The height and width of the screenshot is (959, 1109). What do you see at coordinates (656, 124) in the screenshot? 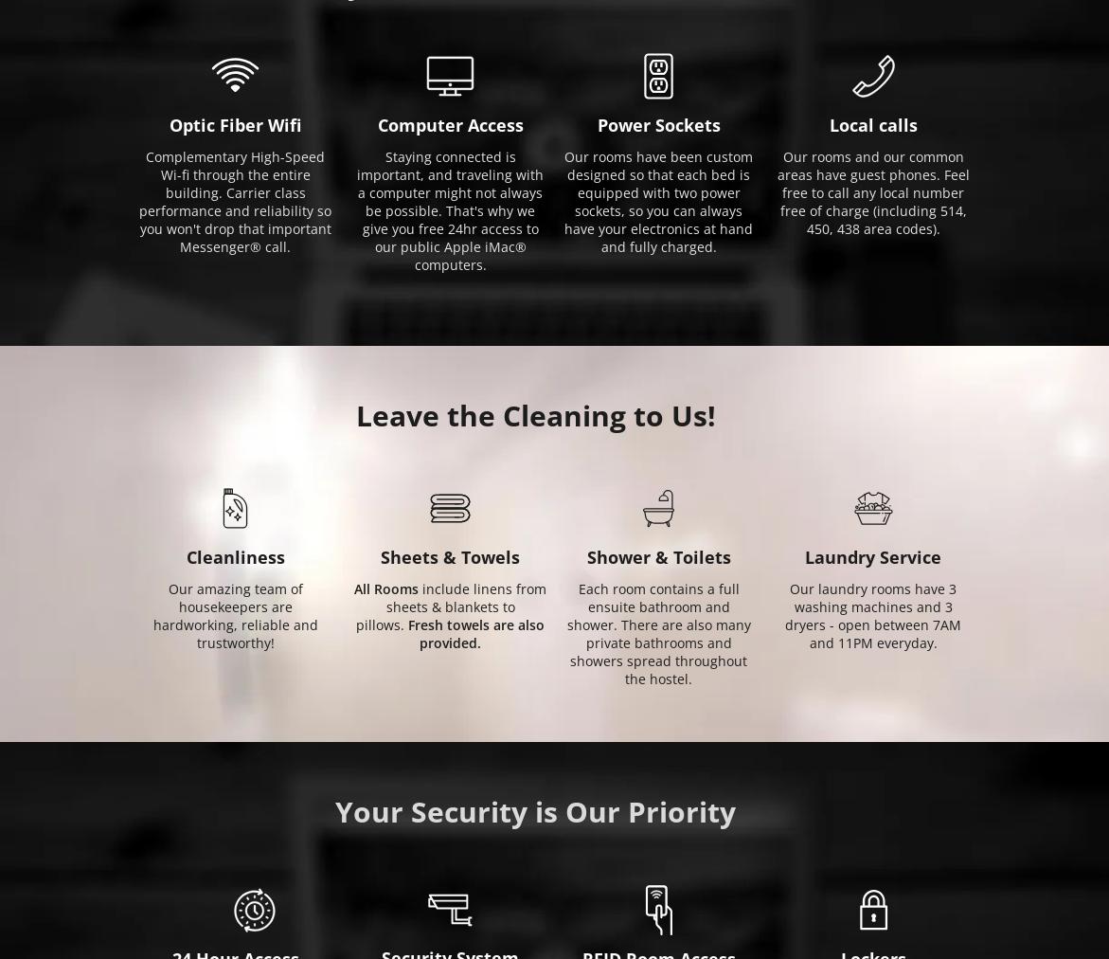
I see `'Power Sockets'` at bounding box center [656, 124].